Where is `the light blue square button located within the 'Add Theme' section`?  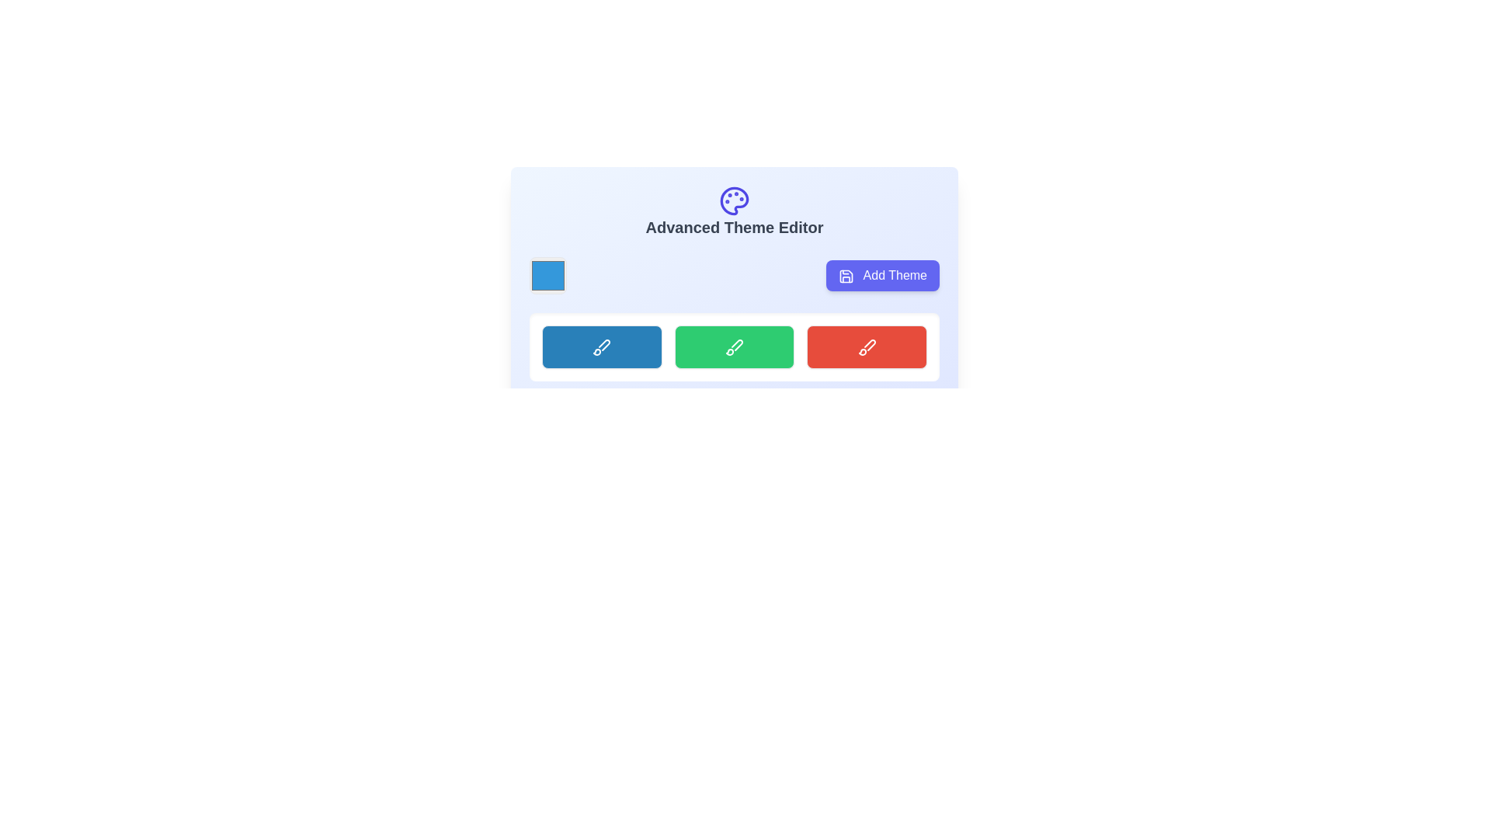 the light blue square button located within the 'Add Theme' section is located at coordinates (547, 274).